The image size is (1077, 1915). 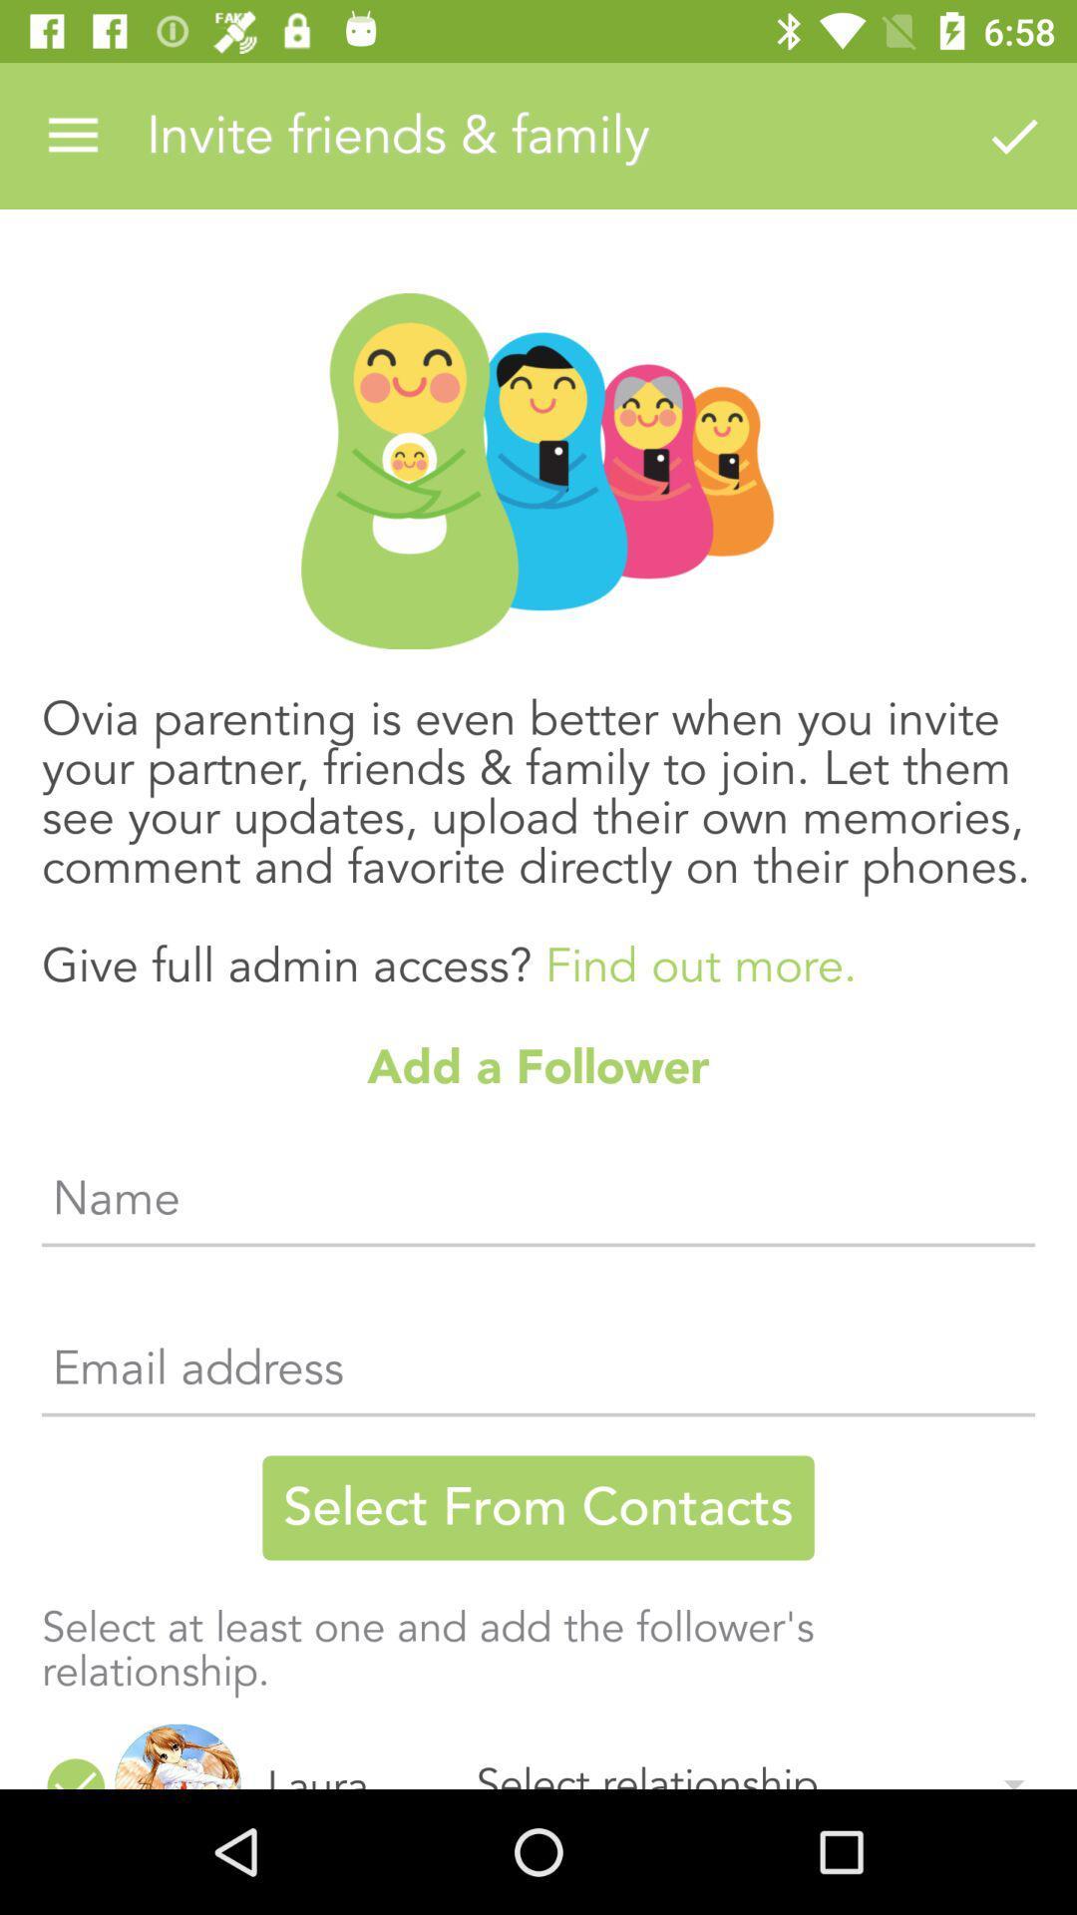 I want to click on the select from contacts, so click(x=538, y=1508).